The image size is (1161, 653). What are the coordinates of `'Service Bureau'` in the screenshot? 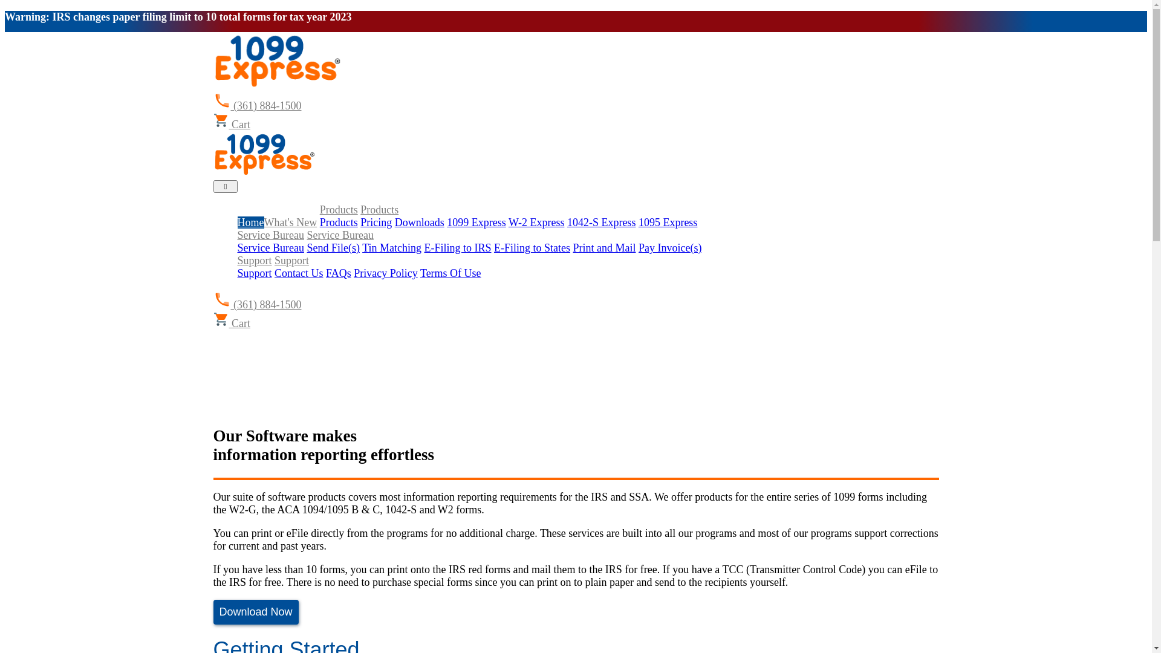 It's located at (339, 235).